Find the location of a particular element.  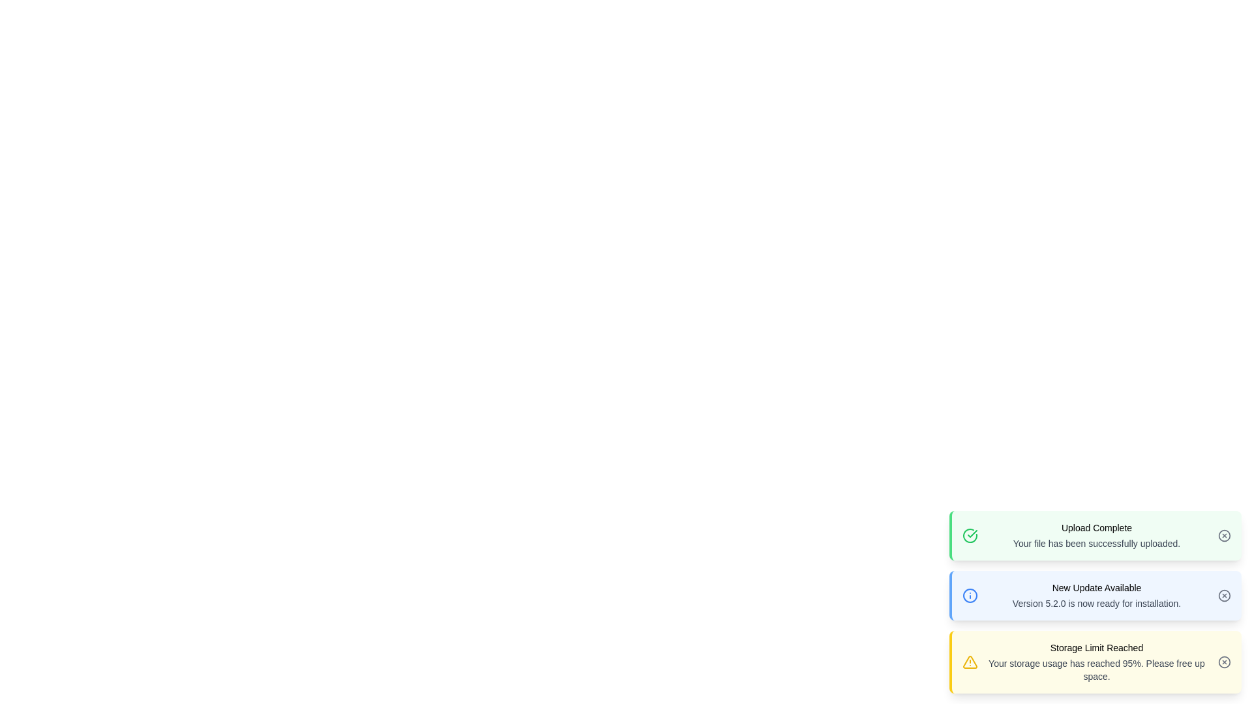

the static text element that reads 'Version 5.2.0 is now ready for installation.' which is positioned below the title 'New Update Available' in a notification box is located at coordinates (1095, 603).